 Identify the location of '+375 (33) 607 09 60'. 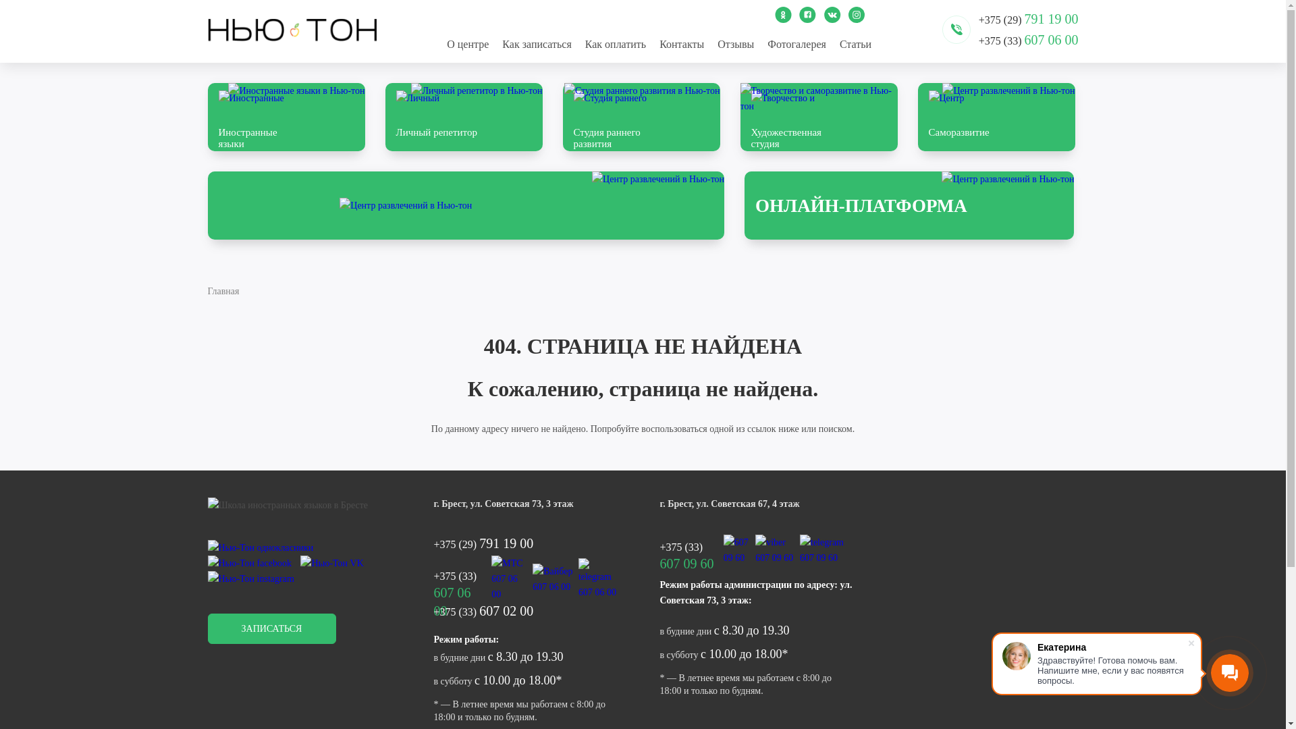
(690, 549).